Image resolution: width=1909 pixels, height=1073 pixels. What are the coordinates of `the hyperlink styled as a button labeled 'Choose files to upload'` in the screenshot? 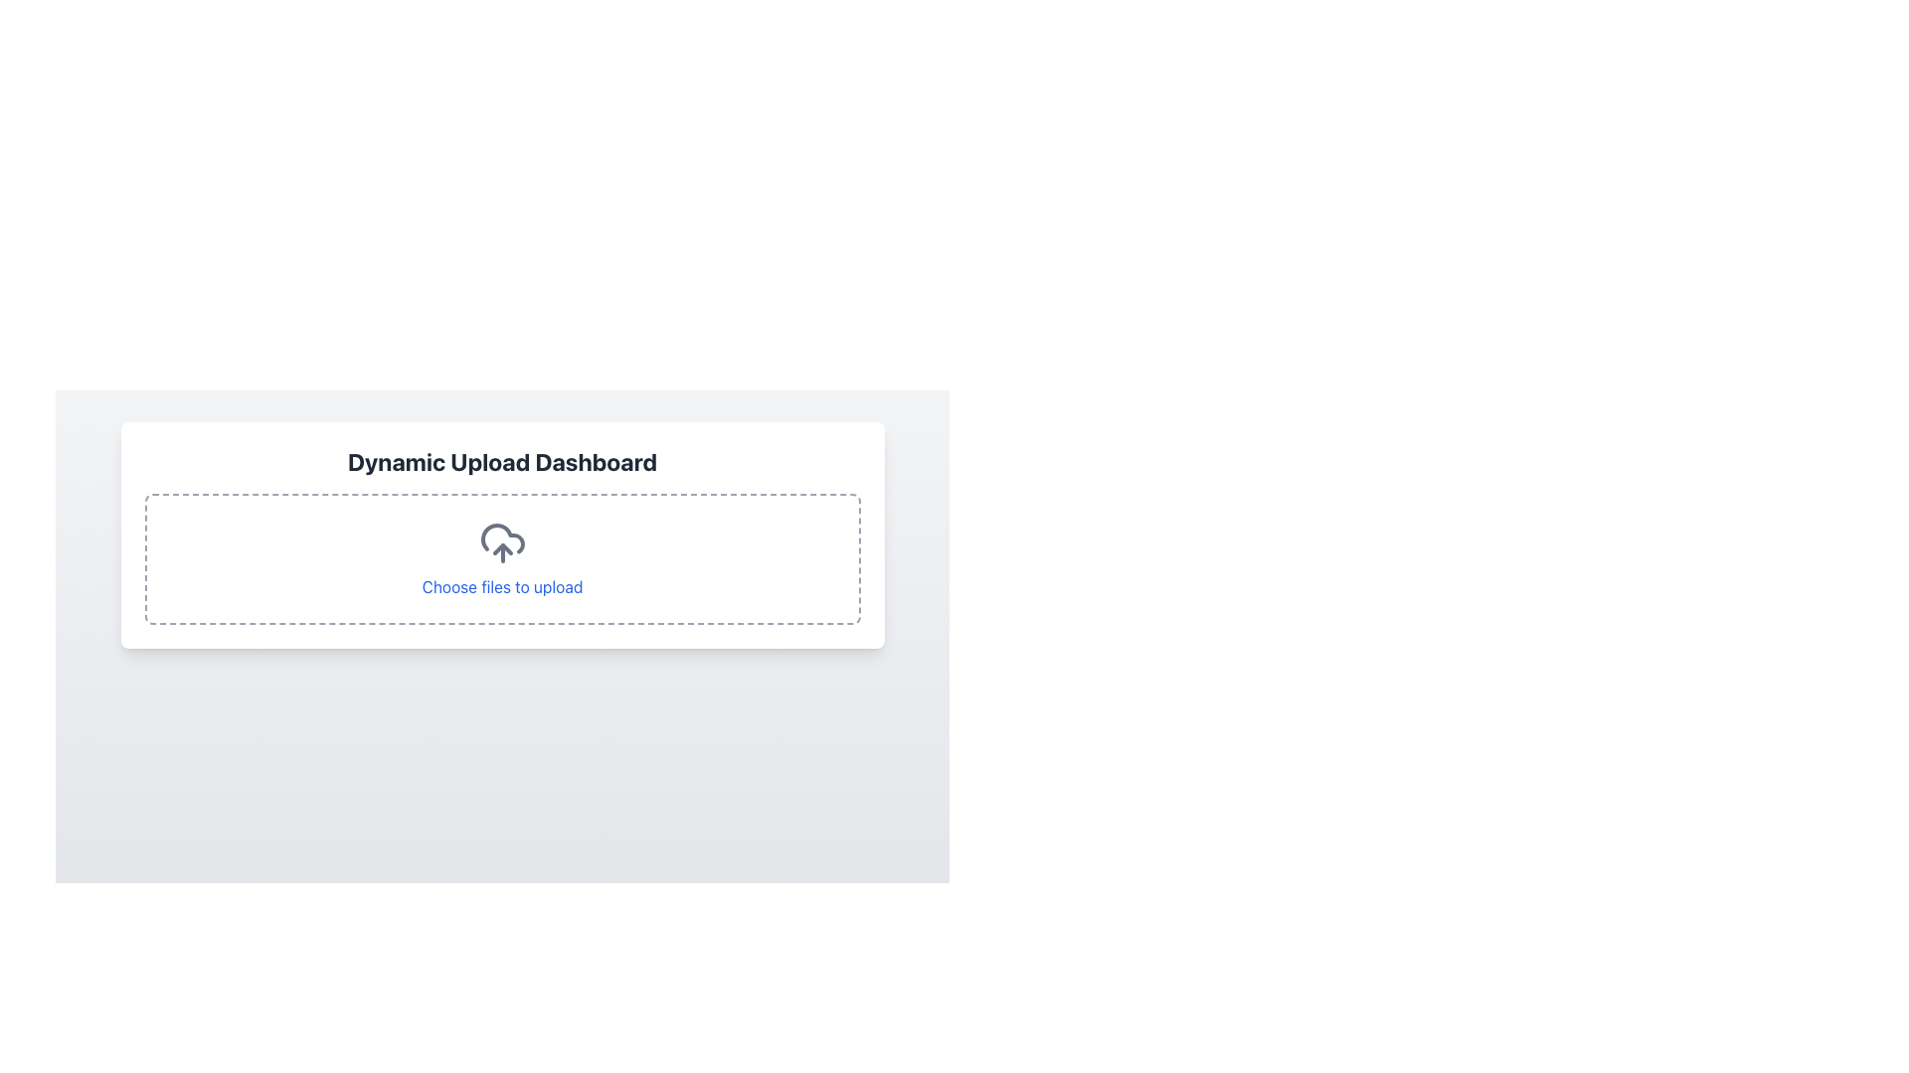 It's located at (502, 585).